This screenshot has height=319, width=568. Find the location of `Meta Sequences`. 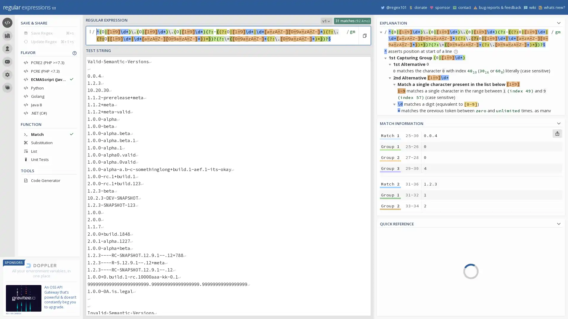

Meta Sequences is located at coordinates (407, 279).